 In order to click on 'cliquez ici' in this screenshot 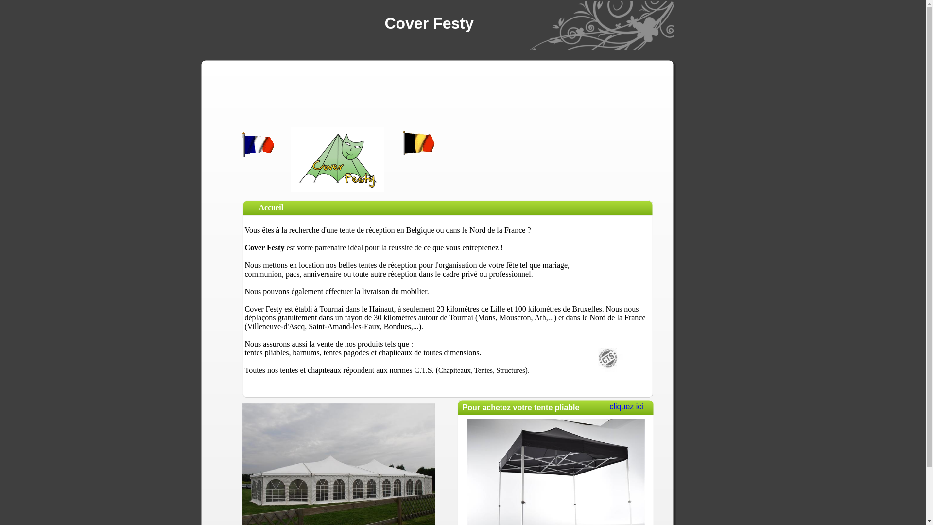, I will do `click(626, 406)`.